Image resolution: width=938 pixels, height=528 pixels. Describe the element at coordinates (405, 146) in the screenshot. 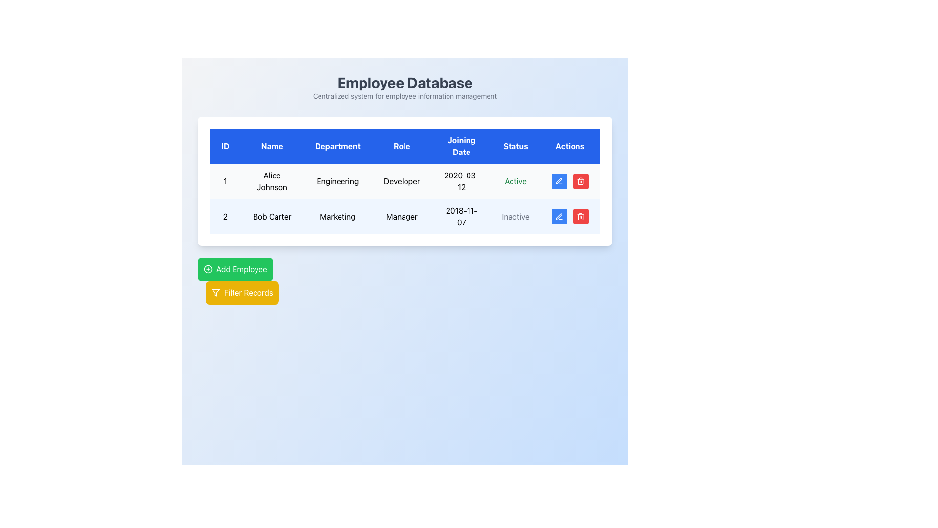

I see `the Table Header that labels the columns of the table, positioned at the top of the table content` at that location.